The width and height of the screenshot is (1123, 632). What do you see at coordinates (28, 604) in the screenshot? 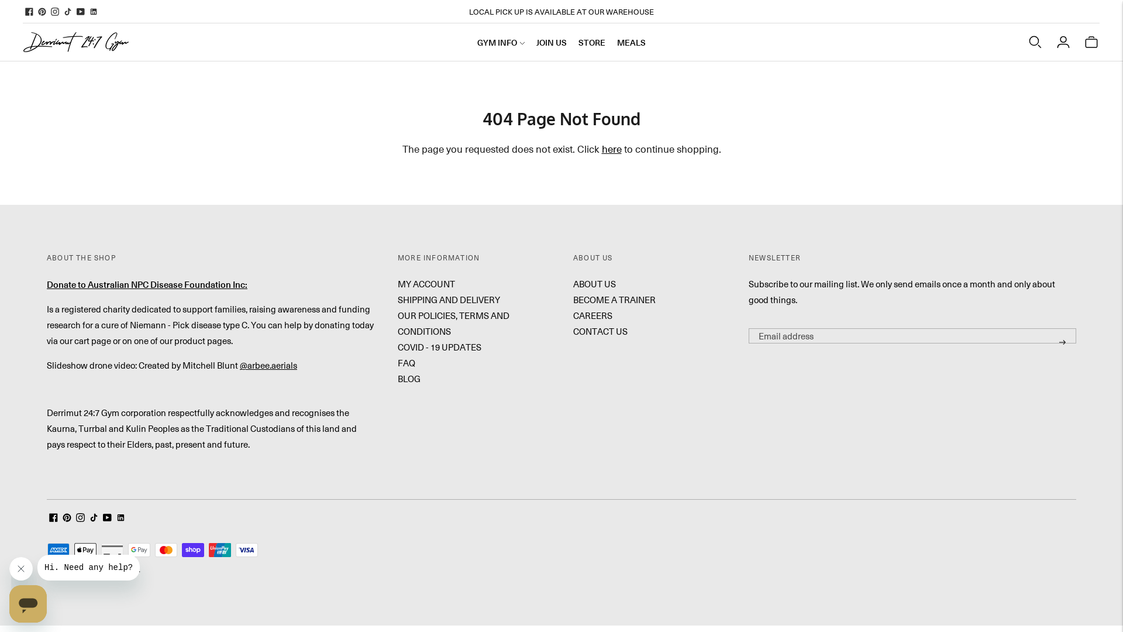
I see `'Button to launch messaging window'` at bounding box center [28, 604].